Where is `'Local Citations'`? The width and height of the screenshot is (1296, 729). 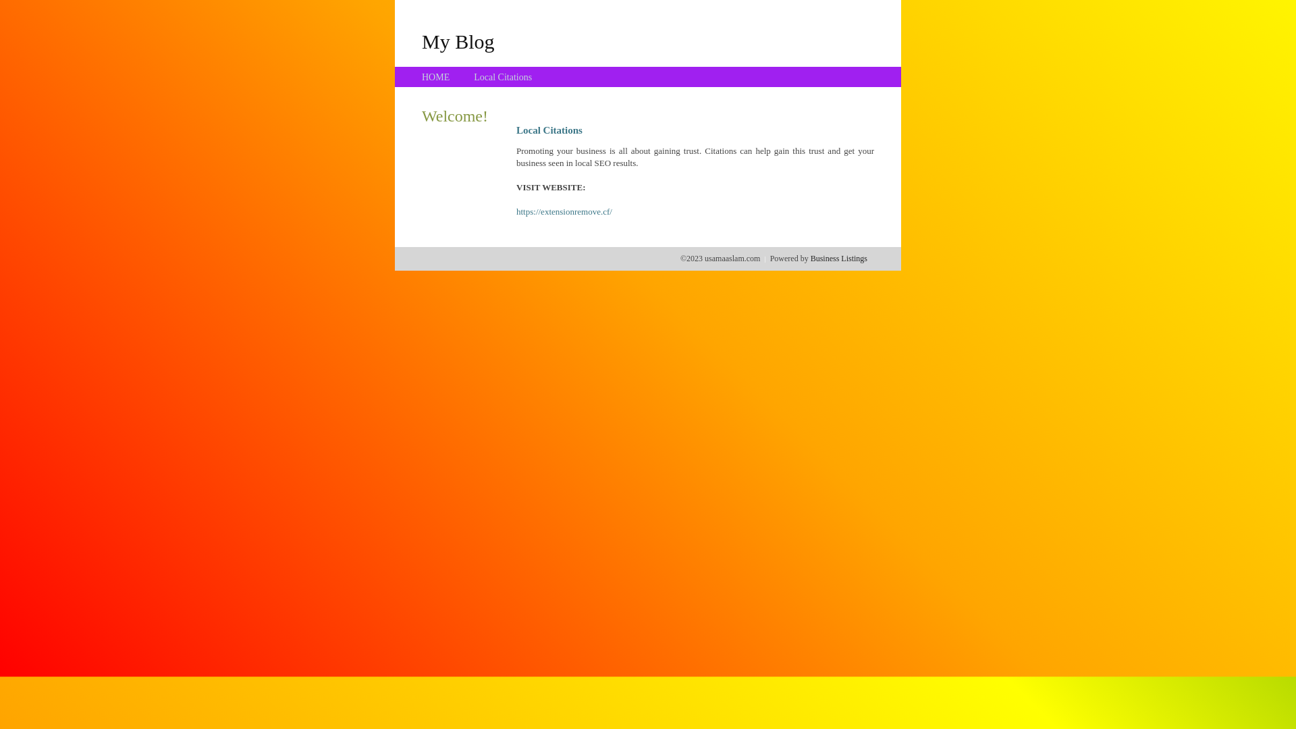
'Local Citations' is located at coordinates (473, 77).